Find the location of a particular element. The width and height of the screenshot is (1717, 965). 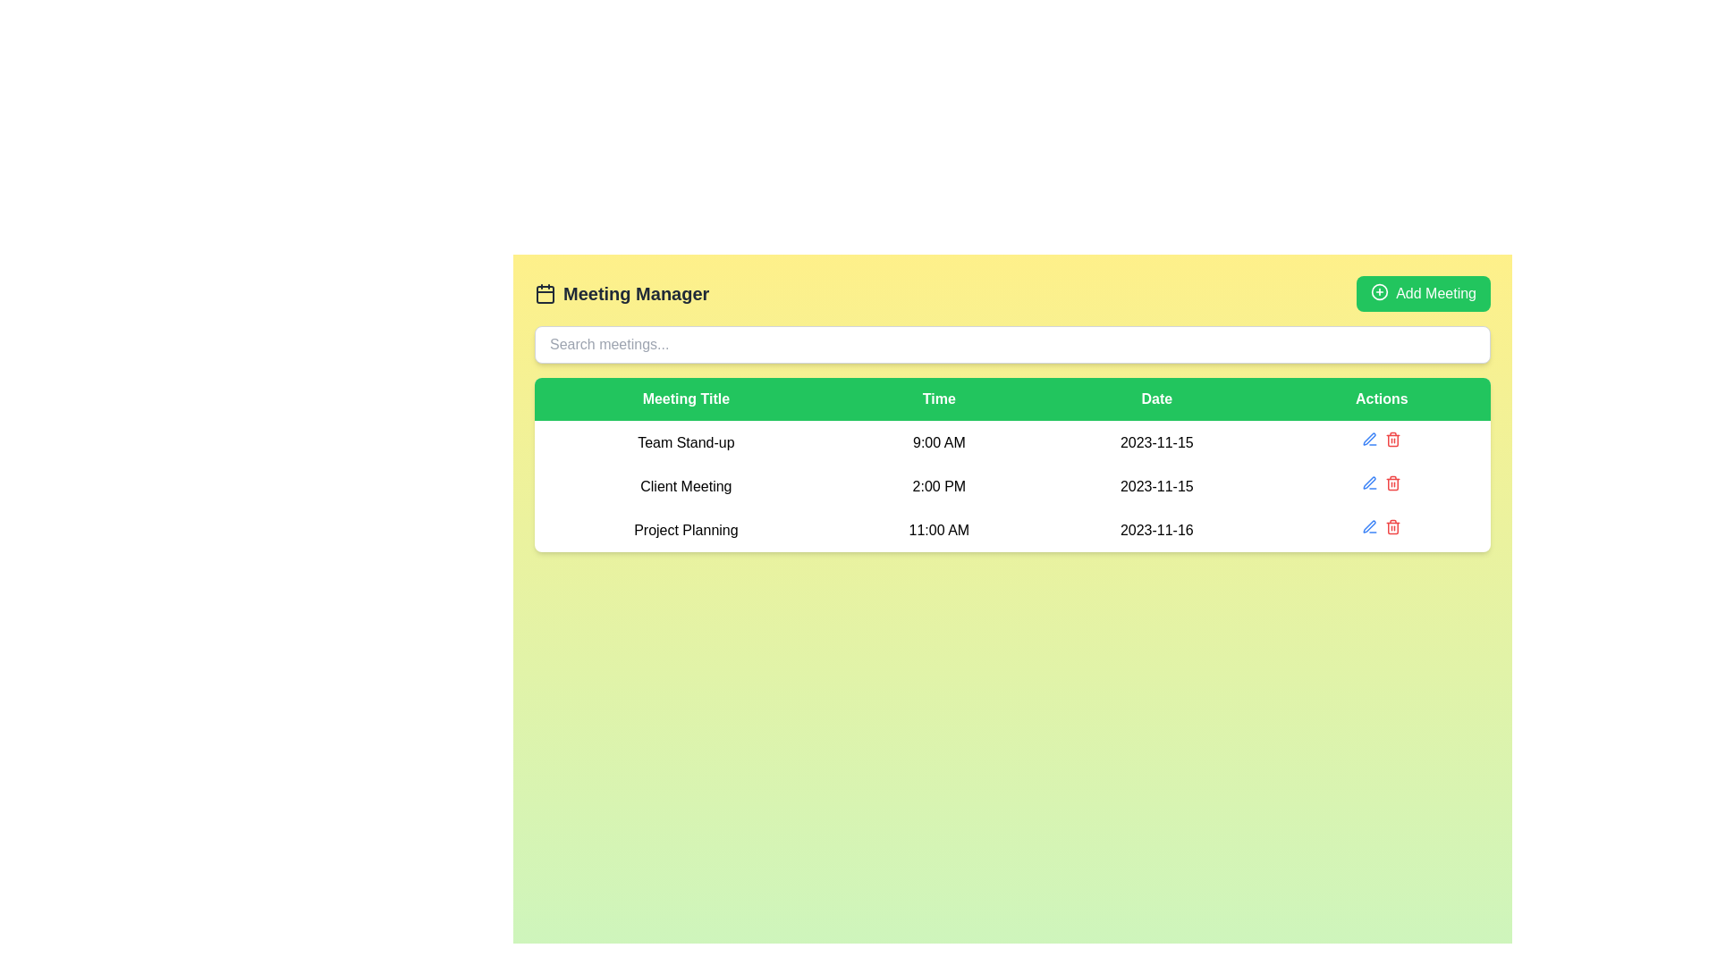

the 'Time' text label, which is styled with a bold white font on a vibrant green background, located centrally in the horizontal bar above the 'Time' column is located at coordinates (938, 399).